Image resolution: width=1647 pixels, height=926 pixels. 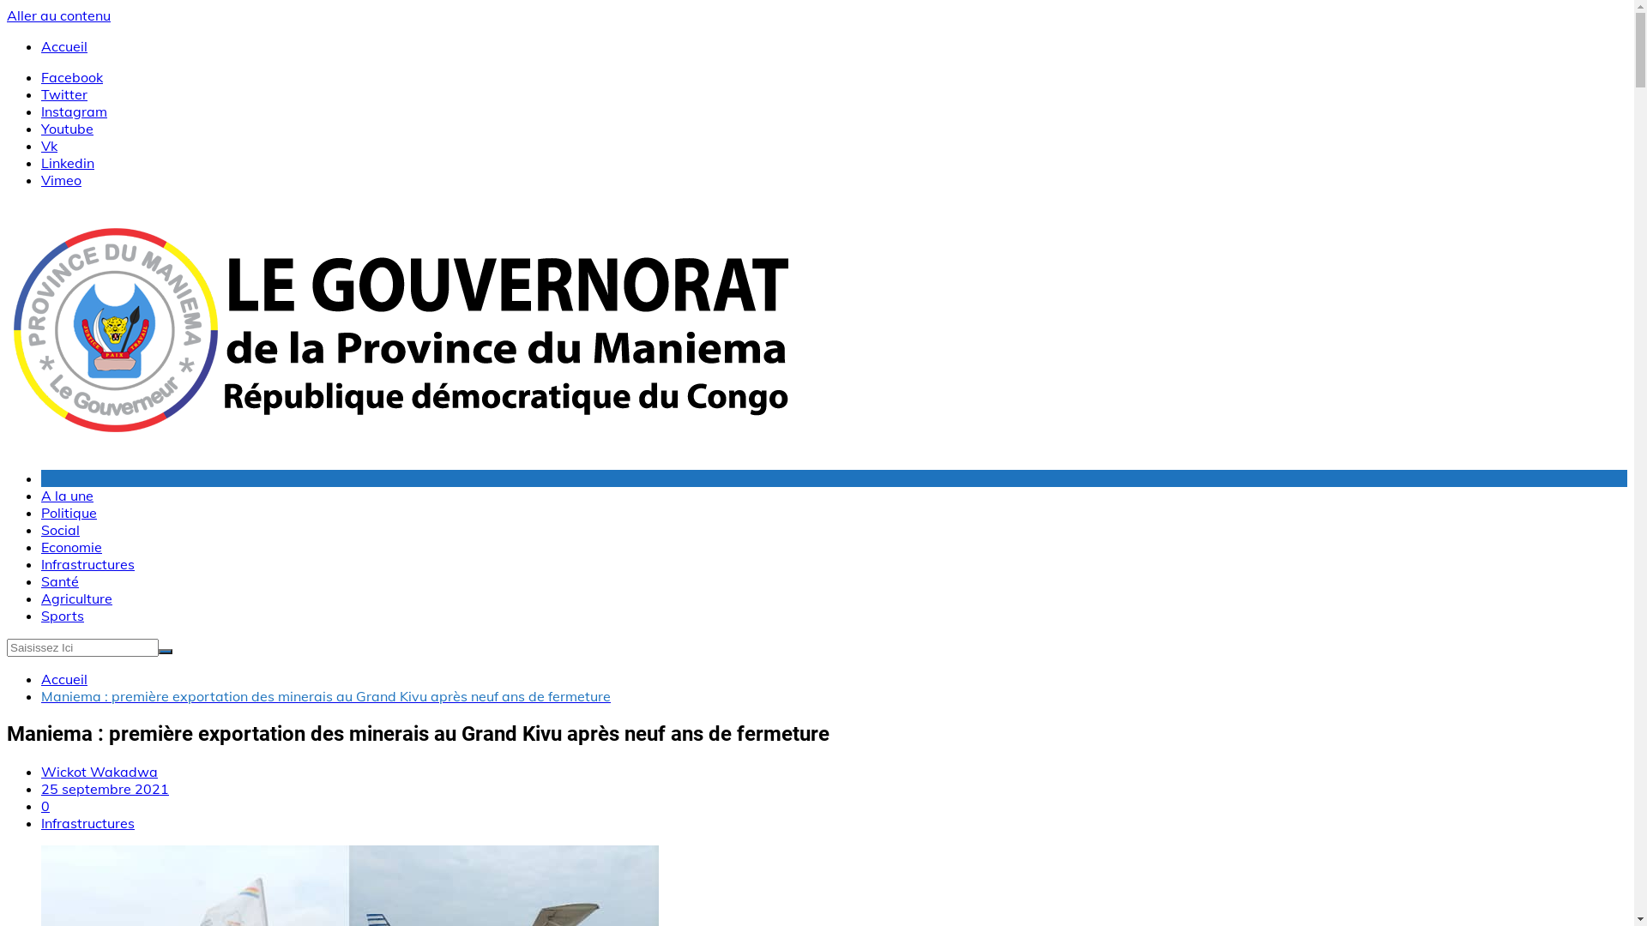 I want to click on 'Vk', so click(x=49, y=144).